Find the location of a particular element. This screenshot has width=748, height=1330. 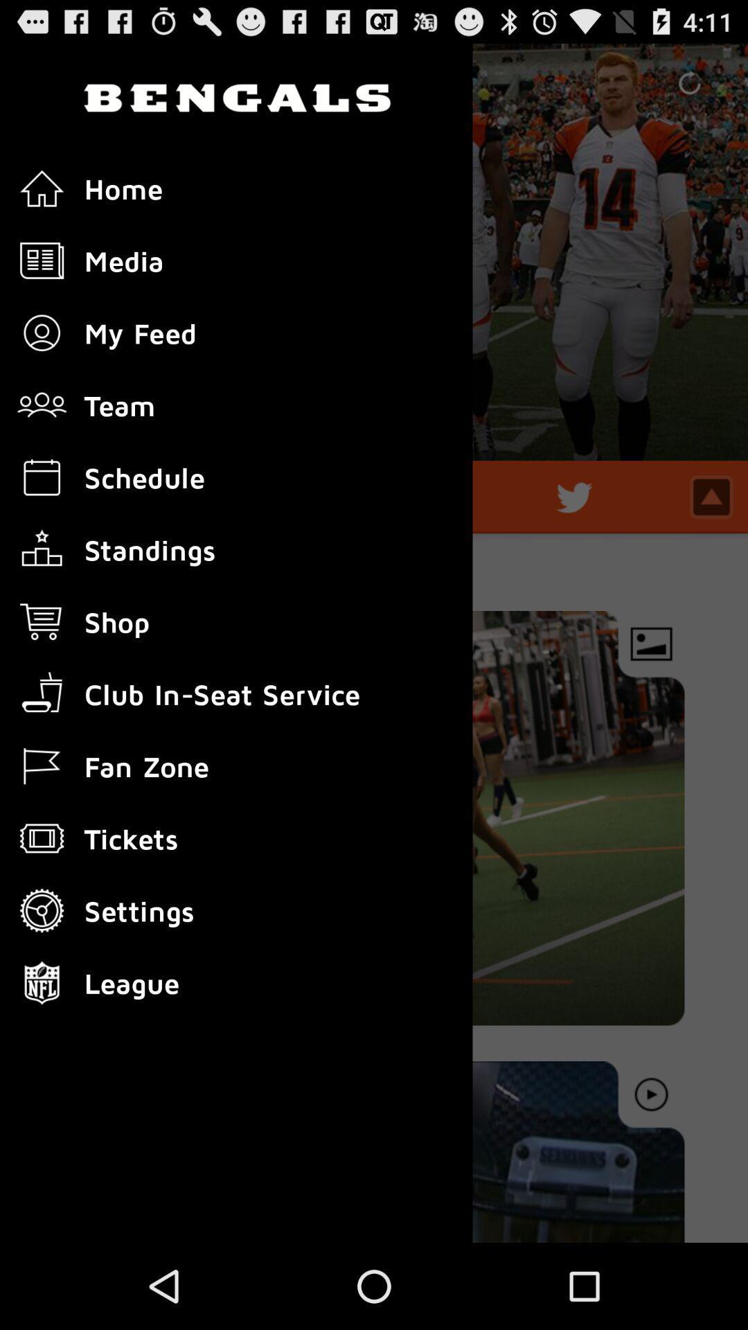

third option icon from bottom left corner is located at coordinates (42, 837).